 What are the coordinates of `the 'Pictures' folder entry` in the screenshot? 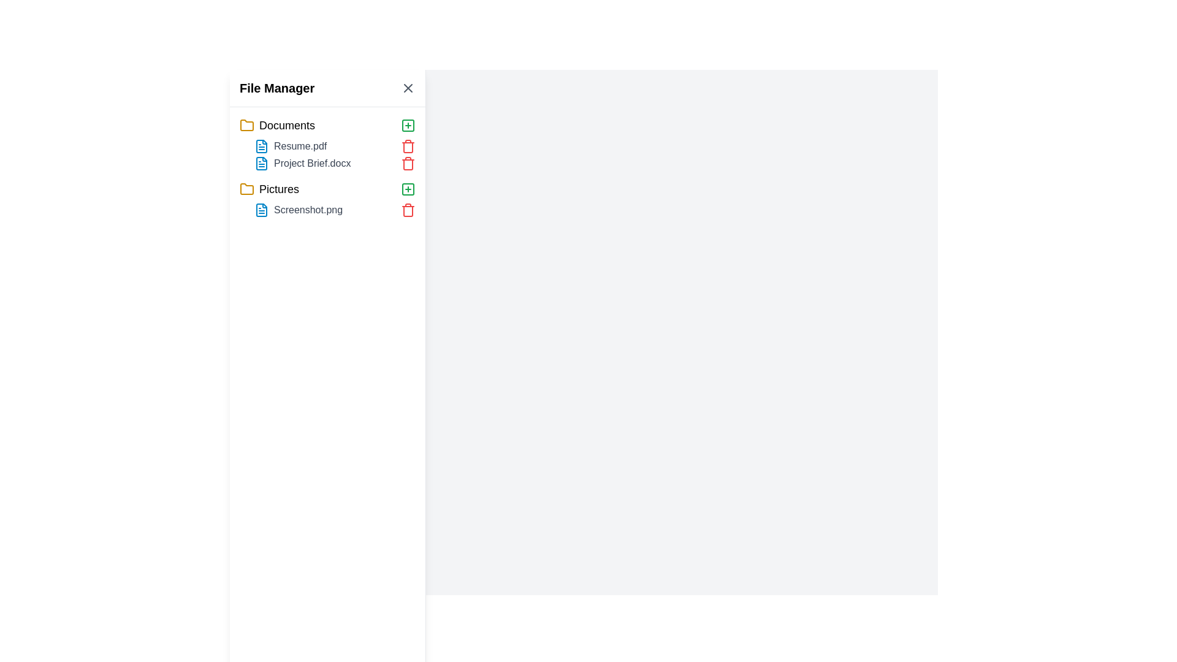 It's located at (327, 189).